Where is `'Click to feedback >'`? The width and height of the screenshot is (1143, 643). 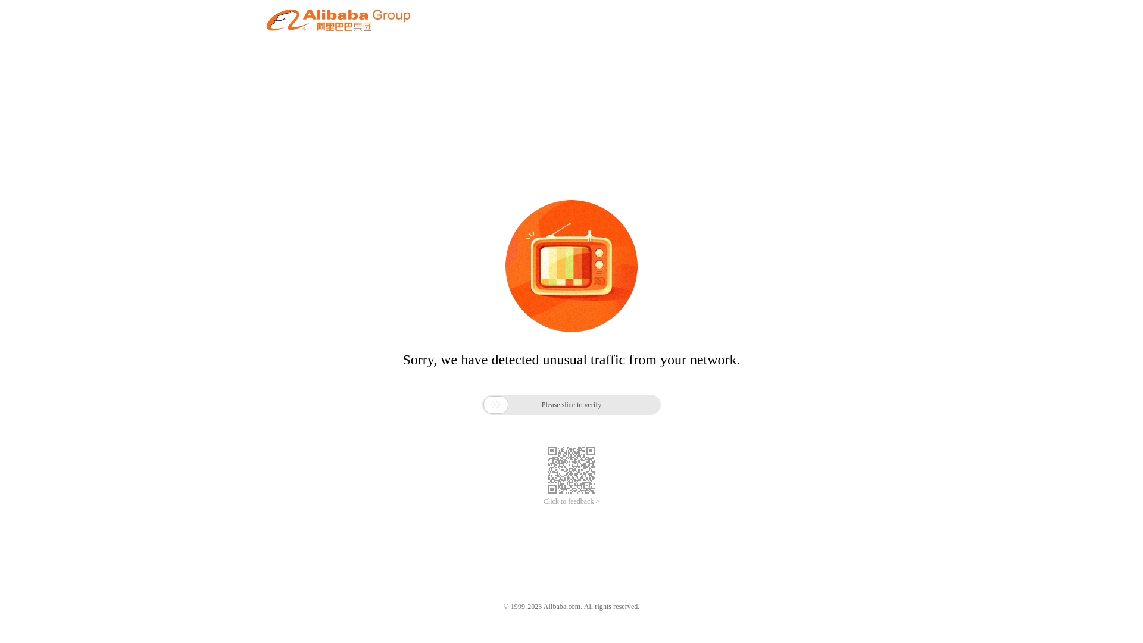
'Click to feedback >' is located at coordinates (571, 501).